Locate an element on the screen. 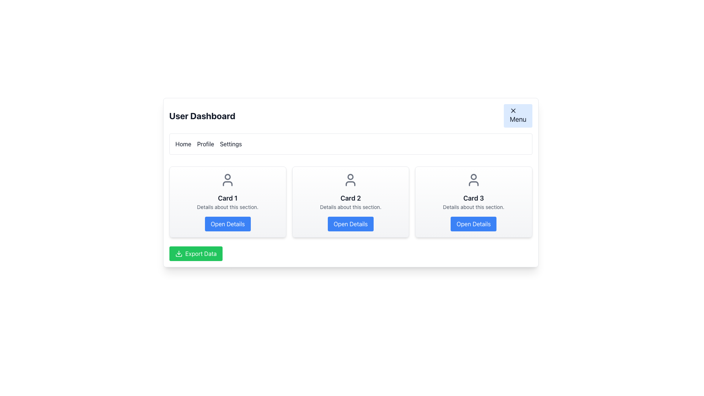 The height and width of the screenshot is (396, 704). the user profile icon located at the top center of 'Card 3', which is designed for personalization or user-related functionality is located at coordinates (473, 180).